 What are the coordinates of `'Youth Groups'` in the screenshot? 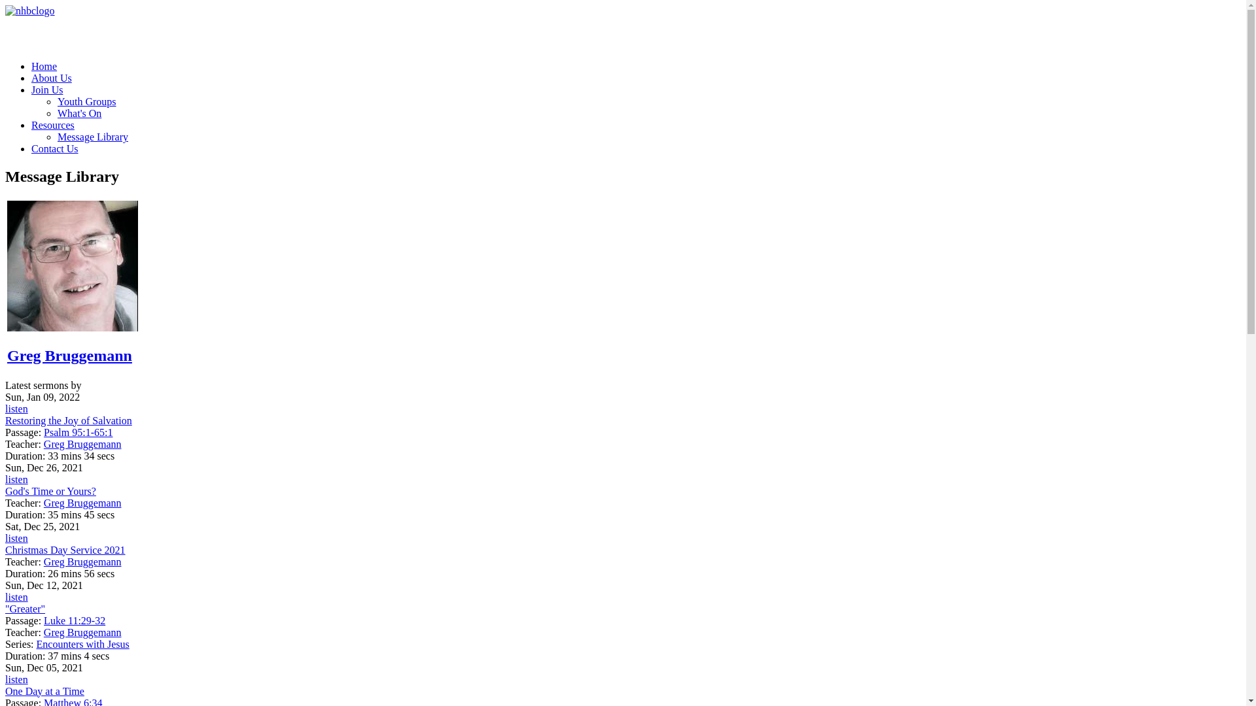 It's located at (86, 101).